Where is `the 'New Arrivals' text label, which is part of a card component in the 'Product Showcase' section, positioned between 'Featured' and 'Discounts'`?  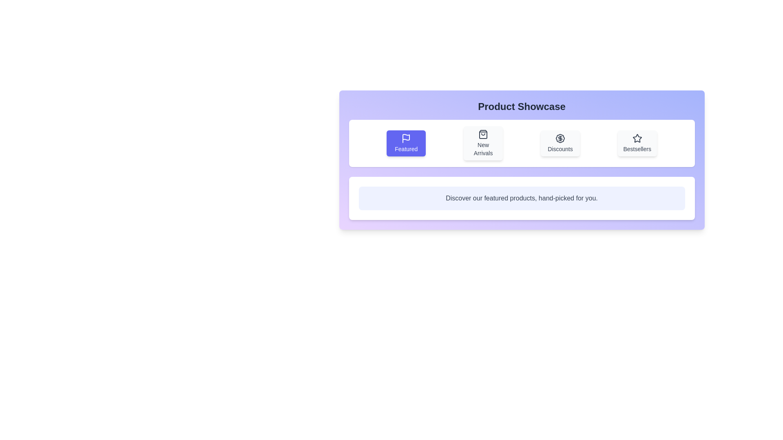 the 'New Arrivals' text label, which is part of a card component in the 'Product Showcase' section, positioned between 'Featured' and 'Discounts' is located at coordinates (483, 149).